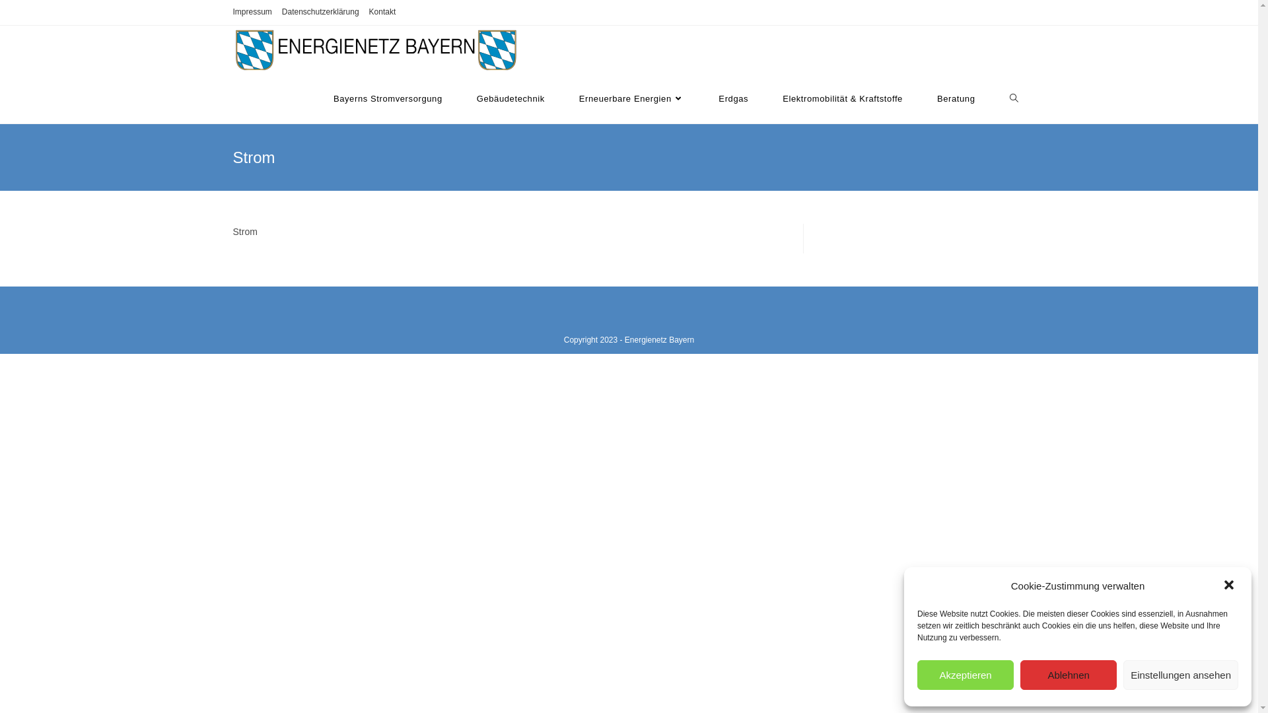  I want to click on 'Bayerns Stromversorgung', so click(387, 98).